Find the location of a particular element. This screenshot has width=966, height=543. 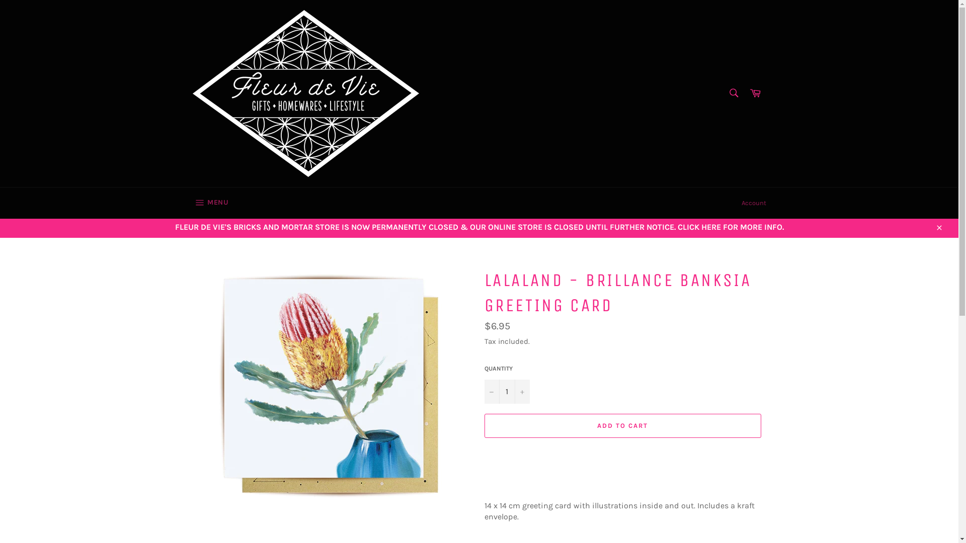

'Account' is located at coordinates (754, 203).